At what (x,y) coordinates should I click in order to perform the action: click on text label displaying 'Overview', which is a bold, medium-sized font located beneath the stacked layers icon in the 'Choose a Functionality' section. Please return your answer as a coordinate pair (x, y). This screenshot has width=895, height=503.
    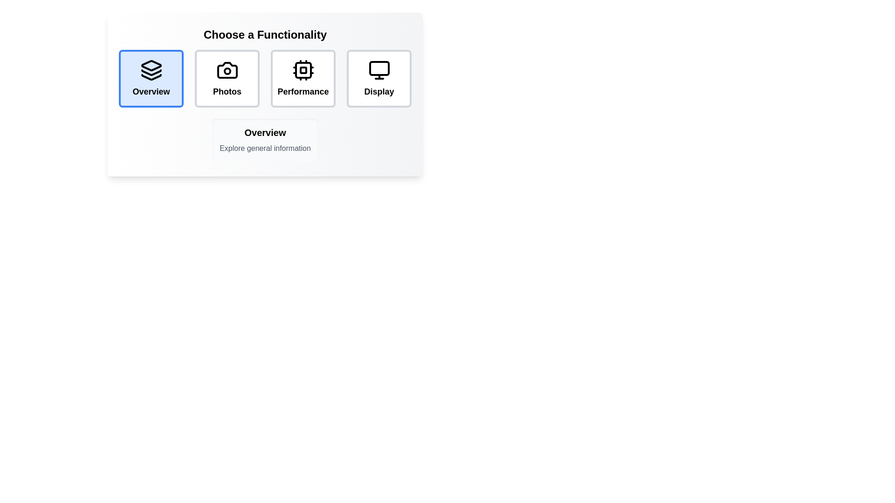
    Looking at the image, I should click on (151, 91).